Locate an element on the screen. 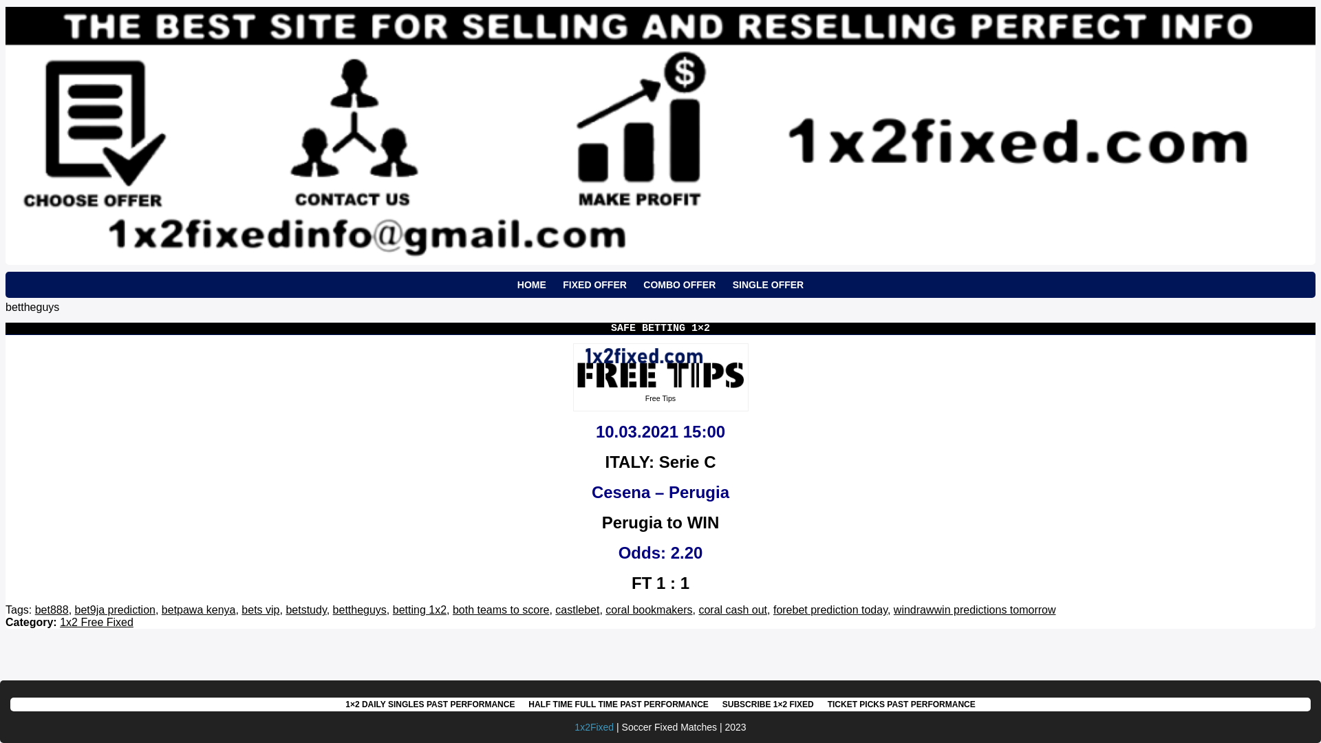  'VIP Advice 1x2' is located at coordinates (659, 367).